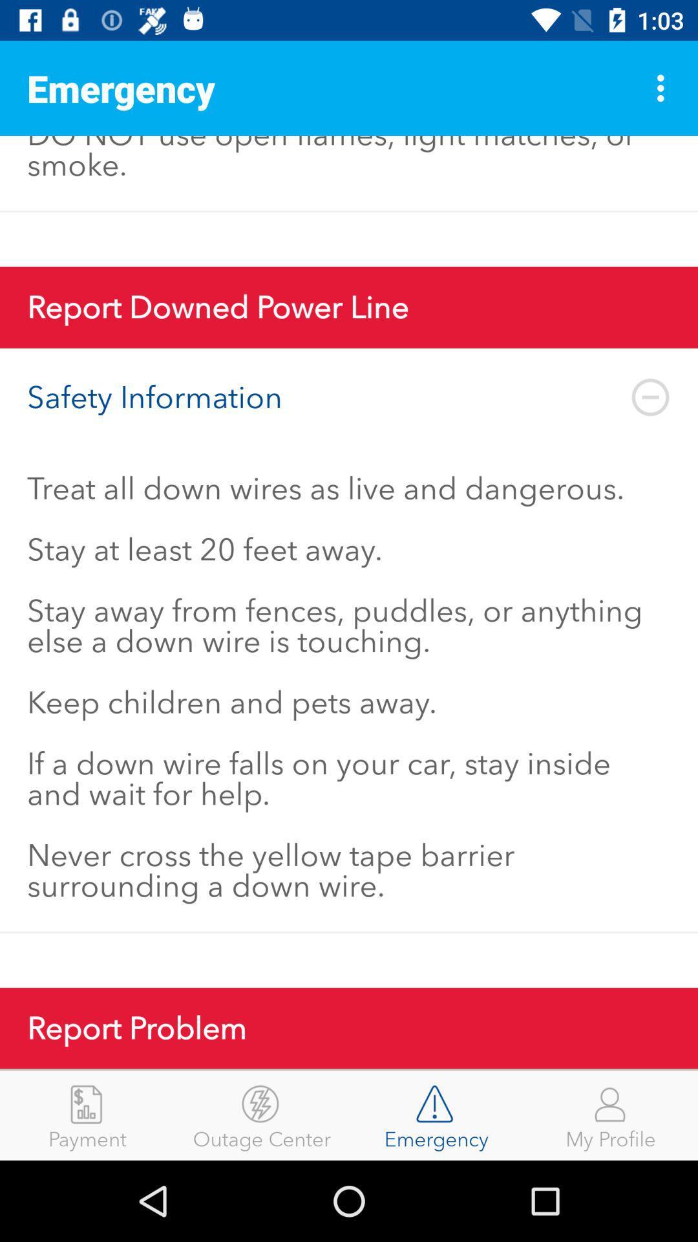 This screenshot has height=1242, width=698. What do you see at coordinates (349, 307) in the screenshot?
I see `report downed power item` at bounding box center [349, 307].